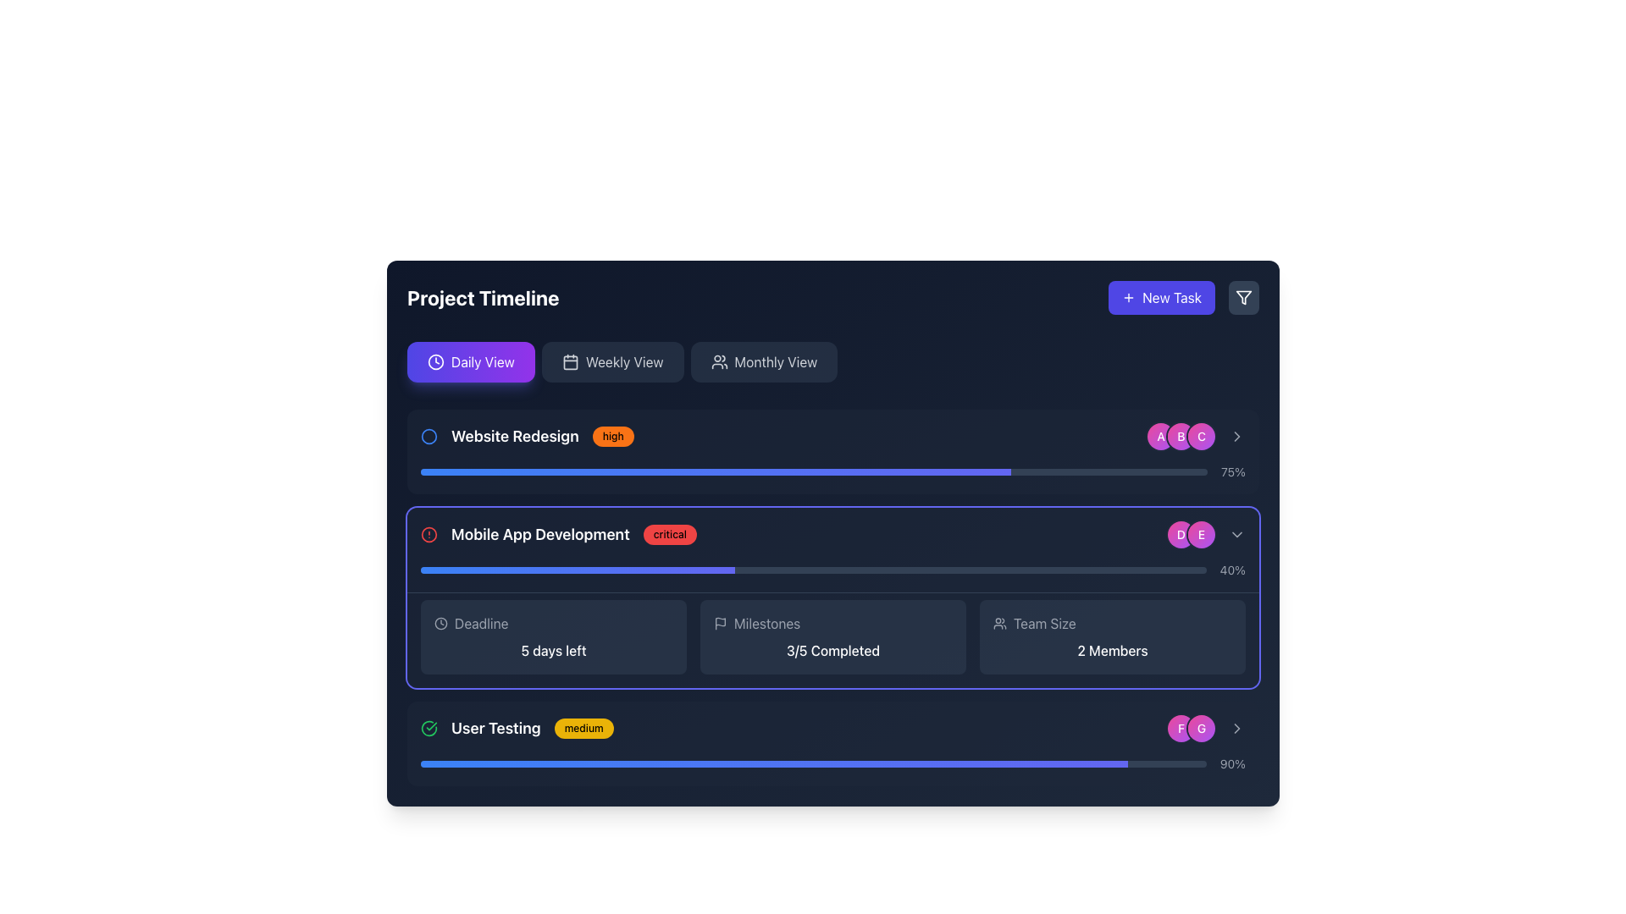  I want to click on the rightward-pointing chevron icon located to the right of the second item in the list, so click(1236, 436).